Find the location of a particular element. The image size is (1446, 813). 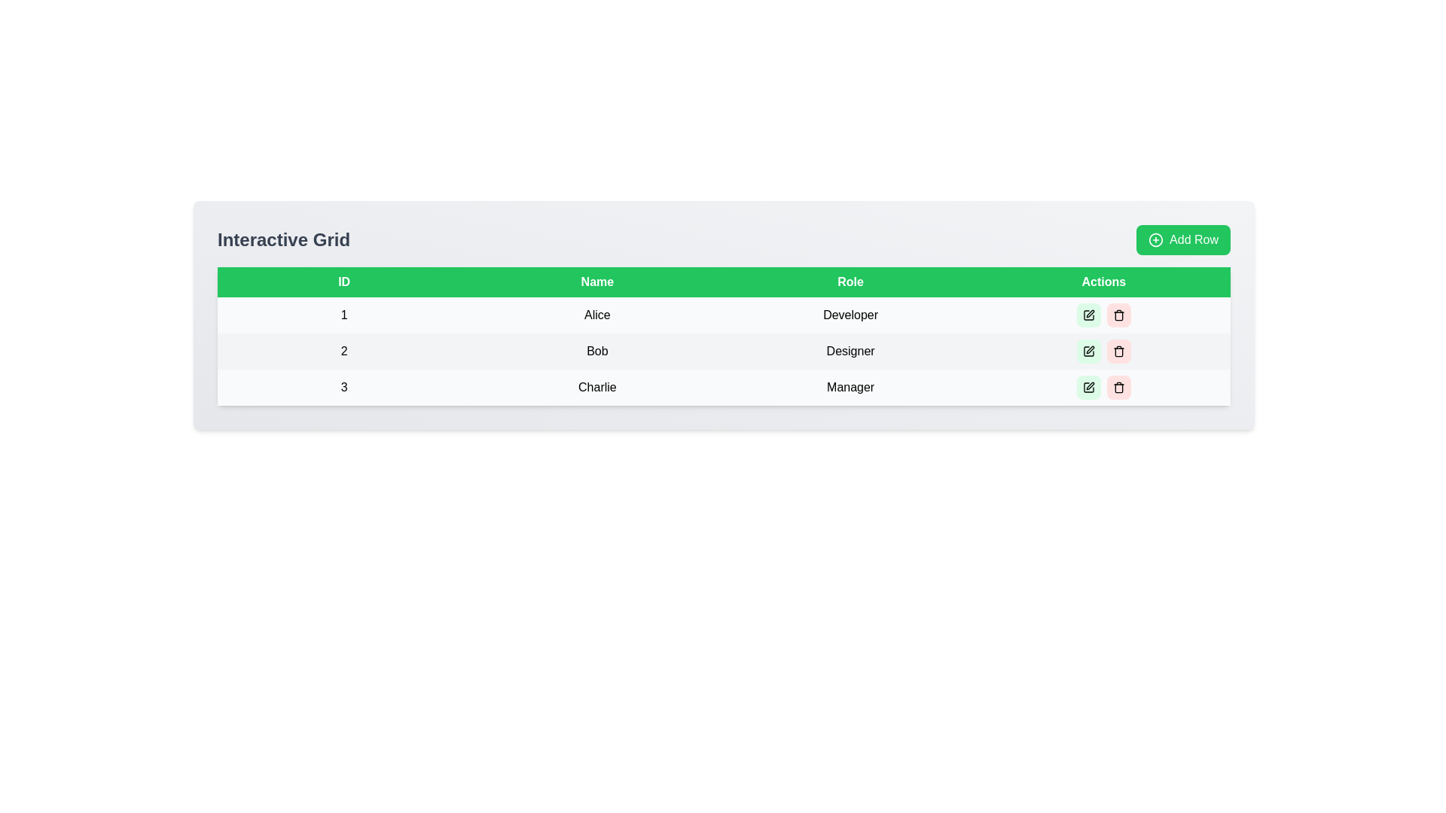

the edit button located in the first row of the 'Actions' column is located at coordinates (1088, 315).